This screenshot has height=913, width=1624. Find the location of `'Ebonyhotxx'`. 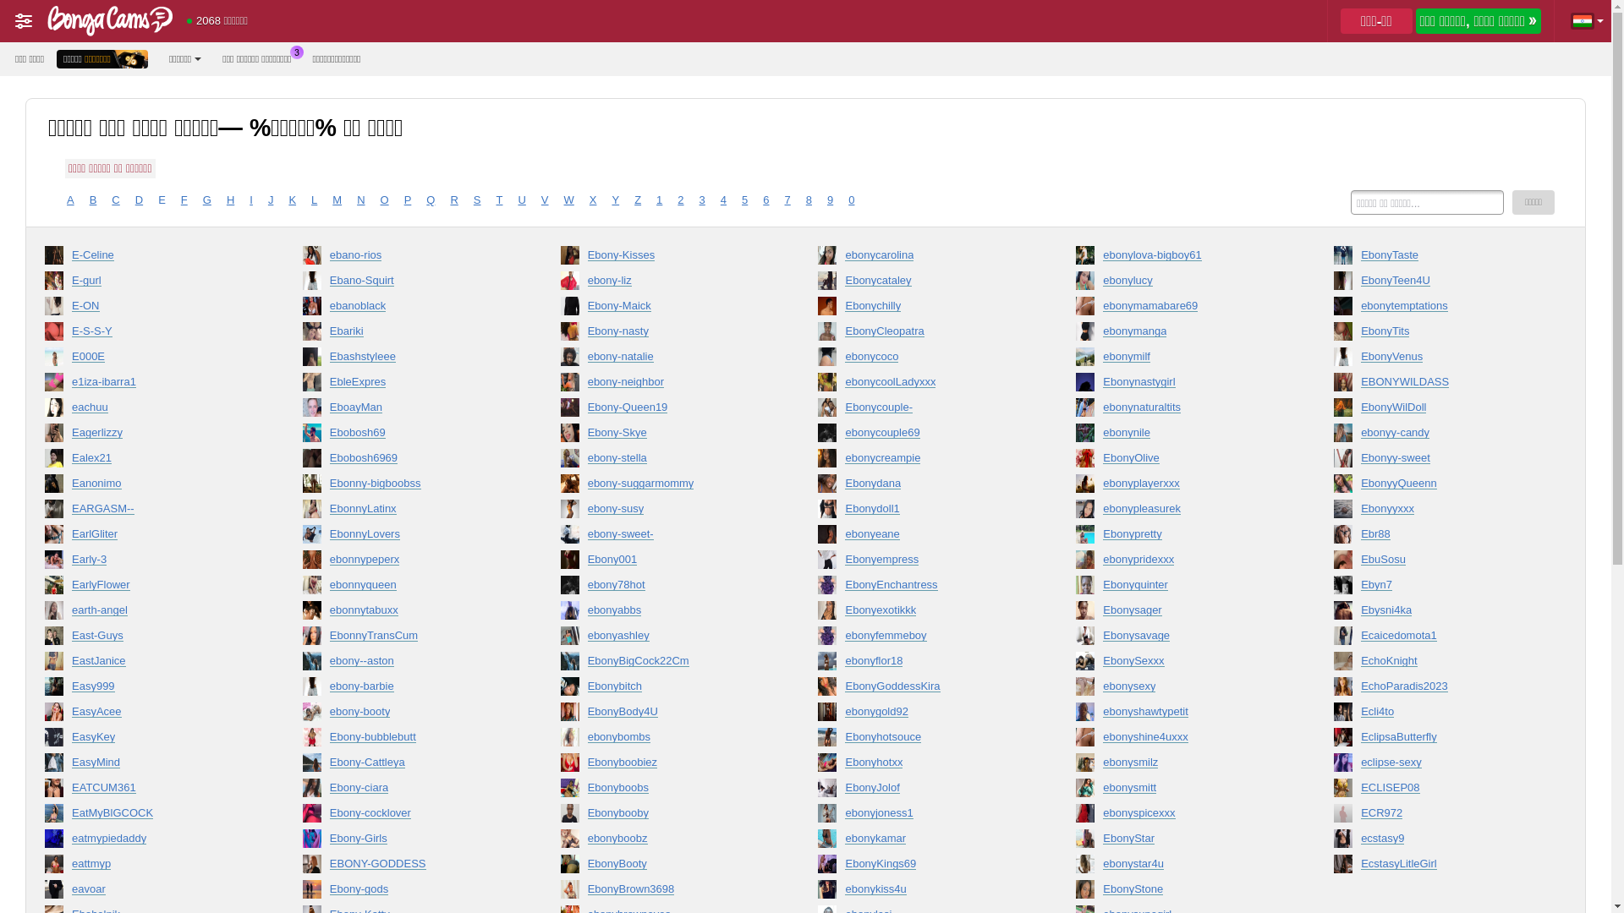

'Ebonyhotxx' is located at coordinates (921, 766).